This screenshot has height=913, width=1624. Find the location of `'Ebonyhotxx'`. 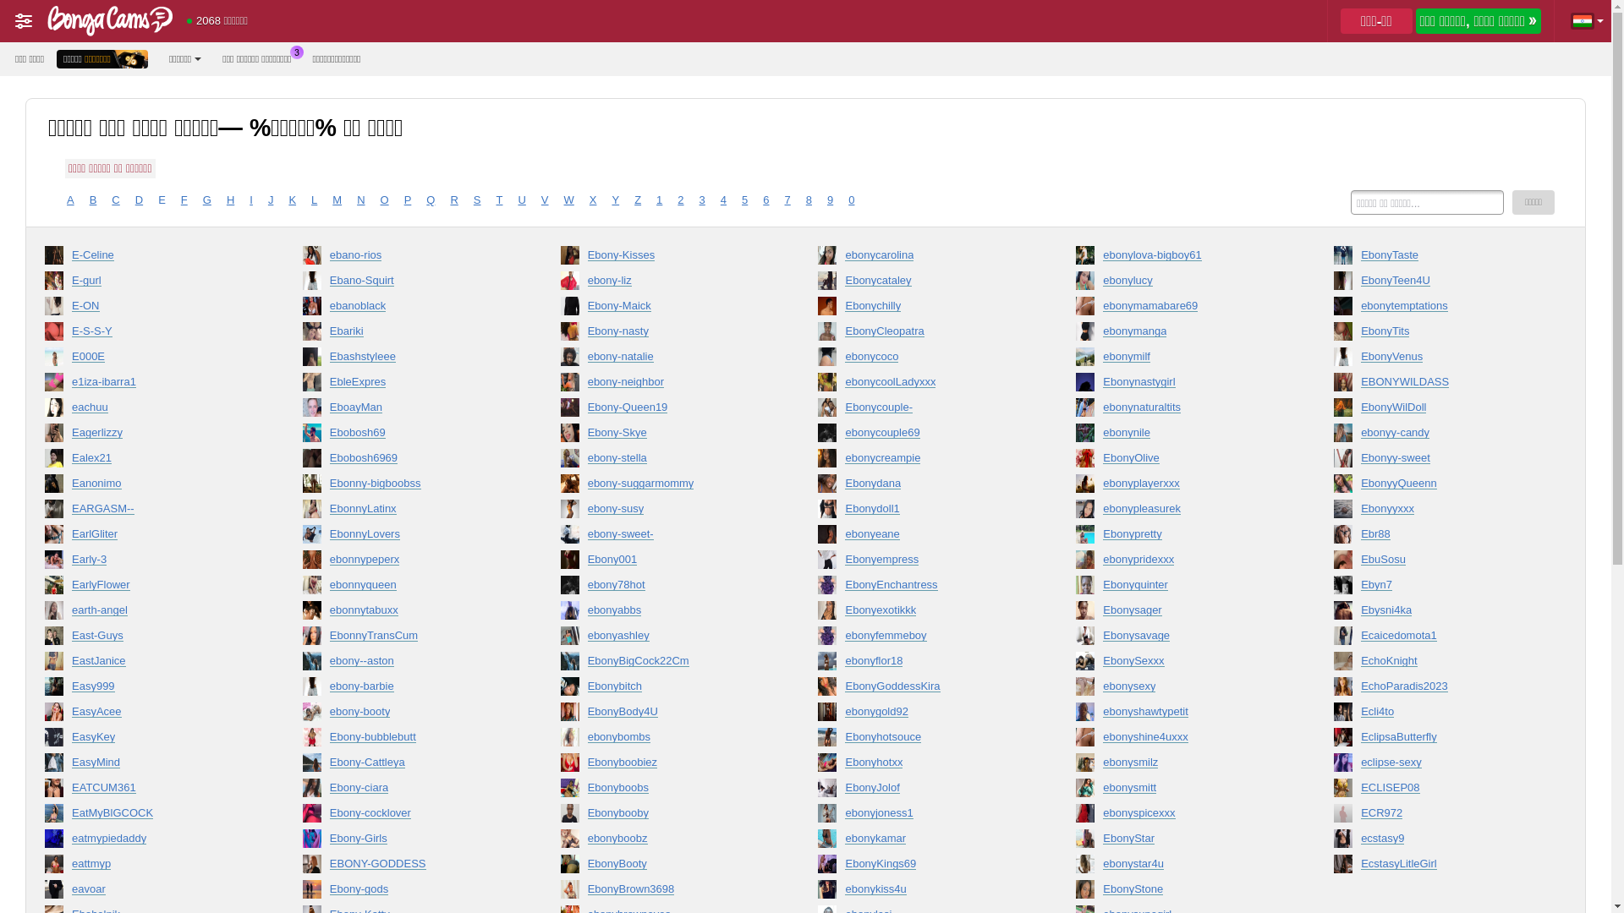

'Ebonyhotxx' is located at coordinates (921, 766).